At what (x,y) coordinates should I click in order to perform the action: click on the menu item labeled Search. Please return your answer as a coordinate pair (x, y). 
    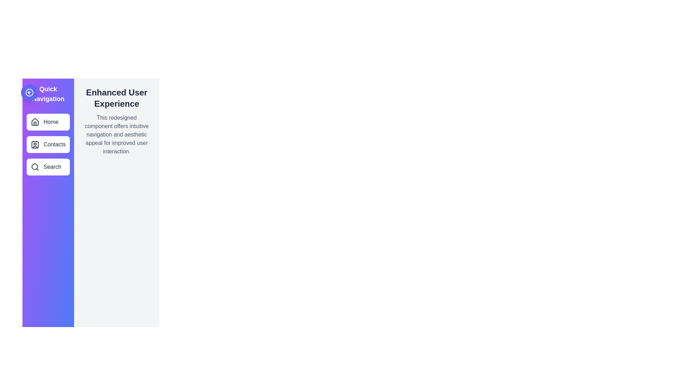
    Looking at the image, I should click on (48, 167).